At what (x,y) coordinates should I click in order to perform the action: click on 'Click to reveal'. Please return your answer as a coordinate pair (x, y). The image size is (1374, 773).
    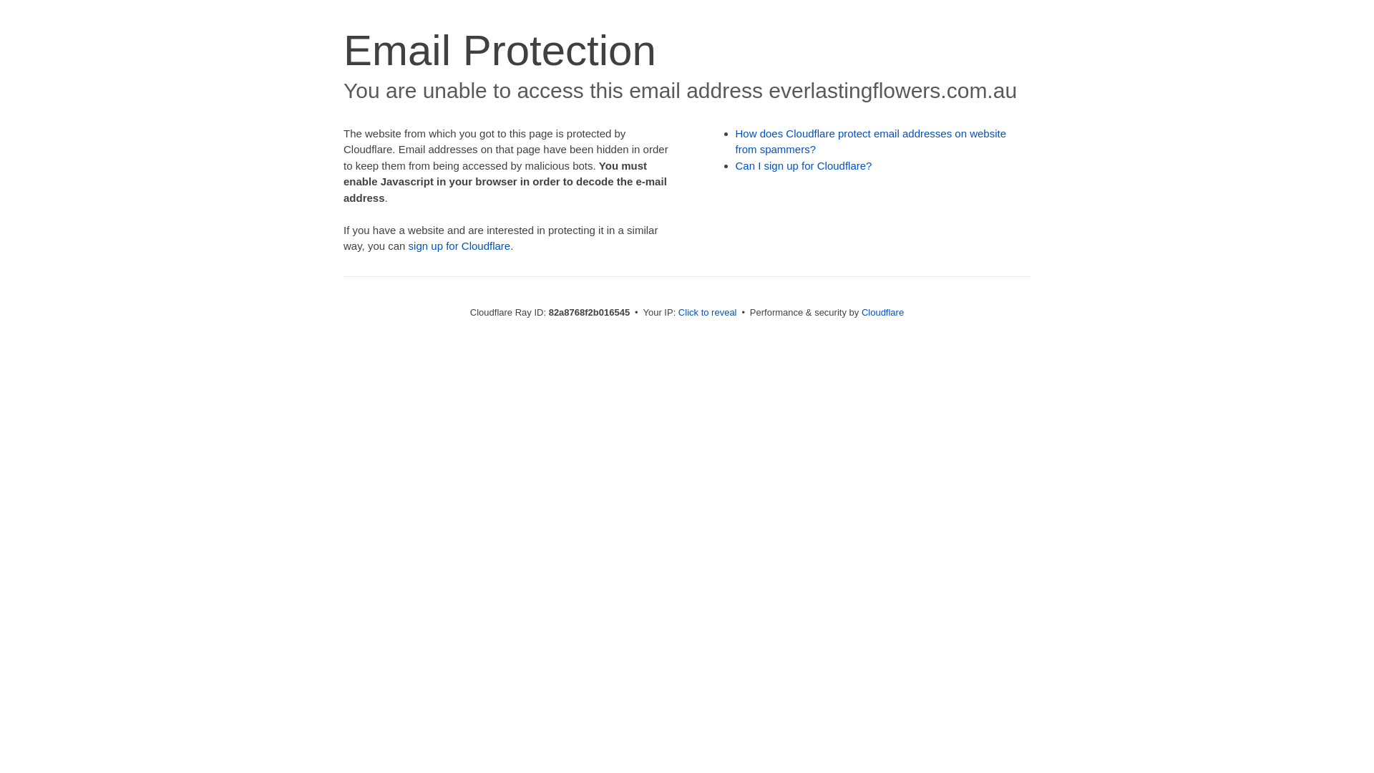
    Looking at the image, I should click on (707, 311).